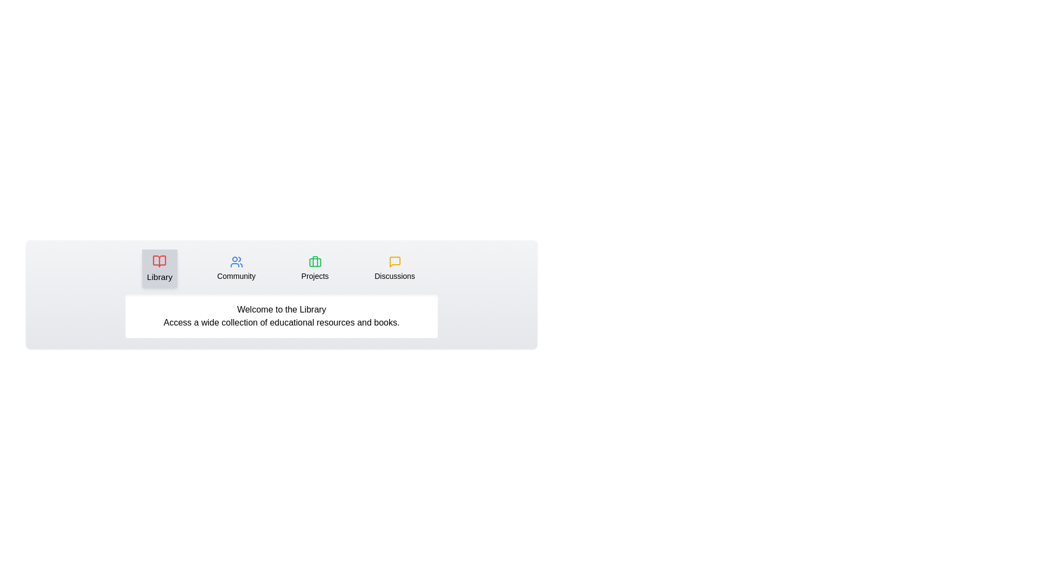 Image resolution: width=1042 pixels, height=586 pixels. Describe the element at coordinates (159, 261) in the screenshot. I see `the 'Library' icon, which is the leftmost icon styled as an open book` at that location.